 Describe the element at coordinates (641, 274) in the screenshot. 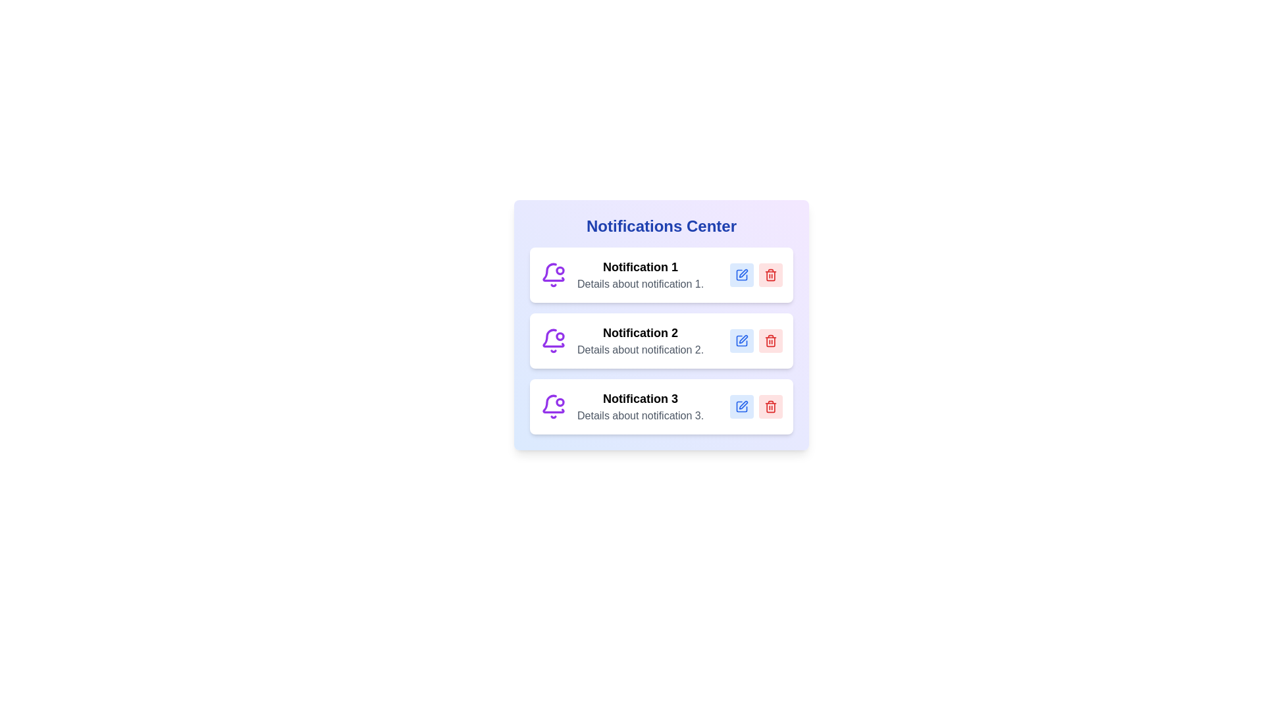

I see `the text content displayed in the notification card, specifically the bold text 'Notification 1' and the regular text 'Details about notification 1.'` at that location.